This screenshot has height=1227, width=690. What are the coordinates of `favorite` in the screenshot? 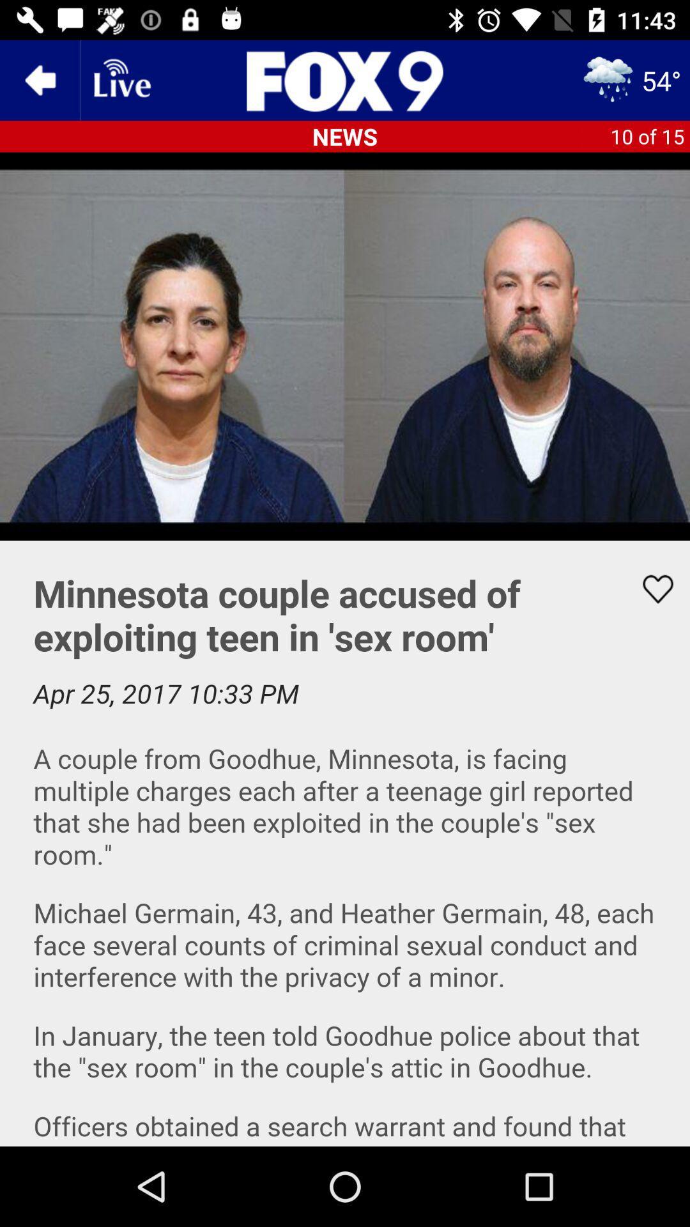 It's located at (650, 589).